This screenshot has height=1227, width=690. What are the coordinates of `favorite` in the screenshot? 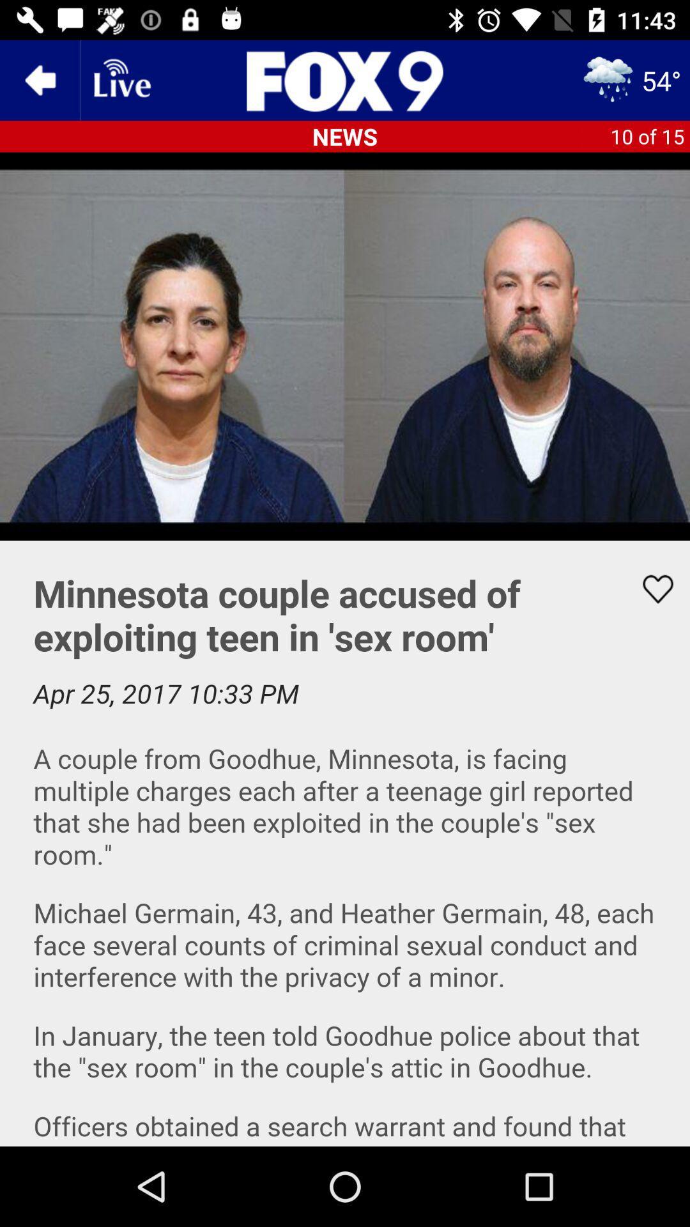 It's located at (650, 589).